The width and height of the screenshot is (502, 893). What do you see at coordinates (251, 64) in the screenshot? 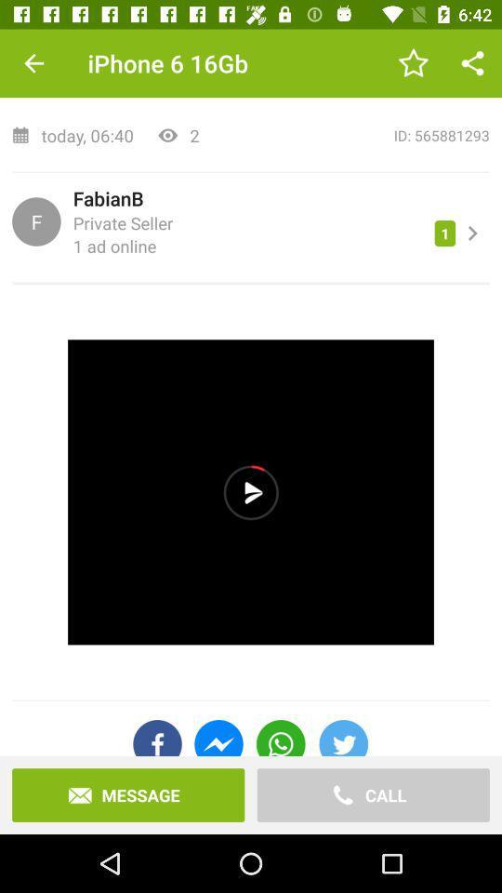
I see `top zustand mit item` at bounding box center [251, 64].